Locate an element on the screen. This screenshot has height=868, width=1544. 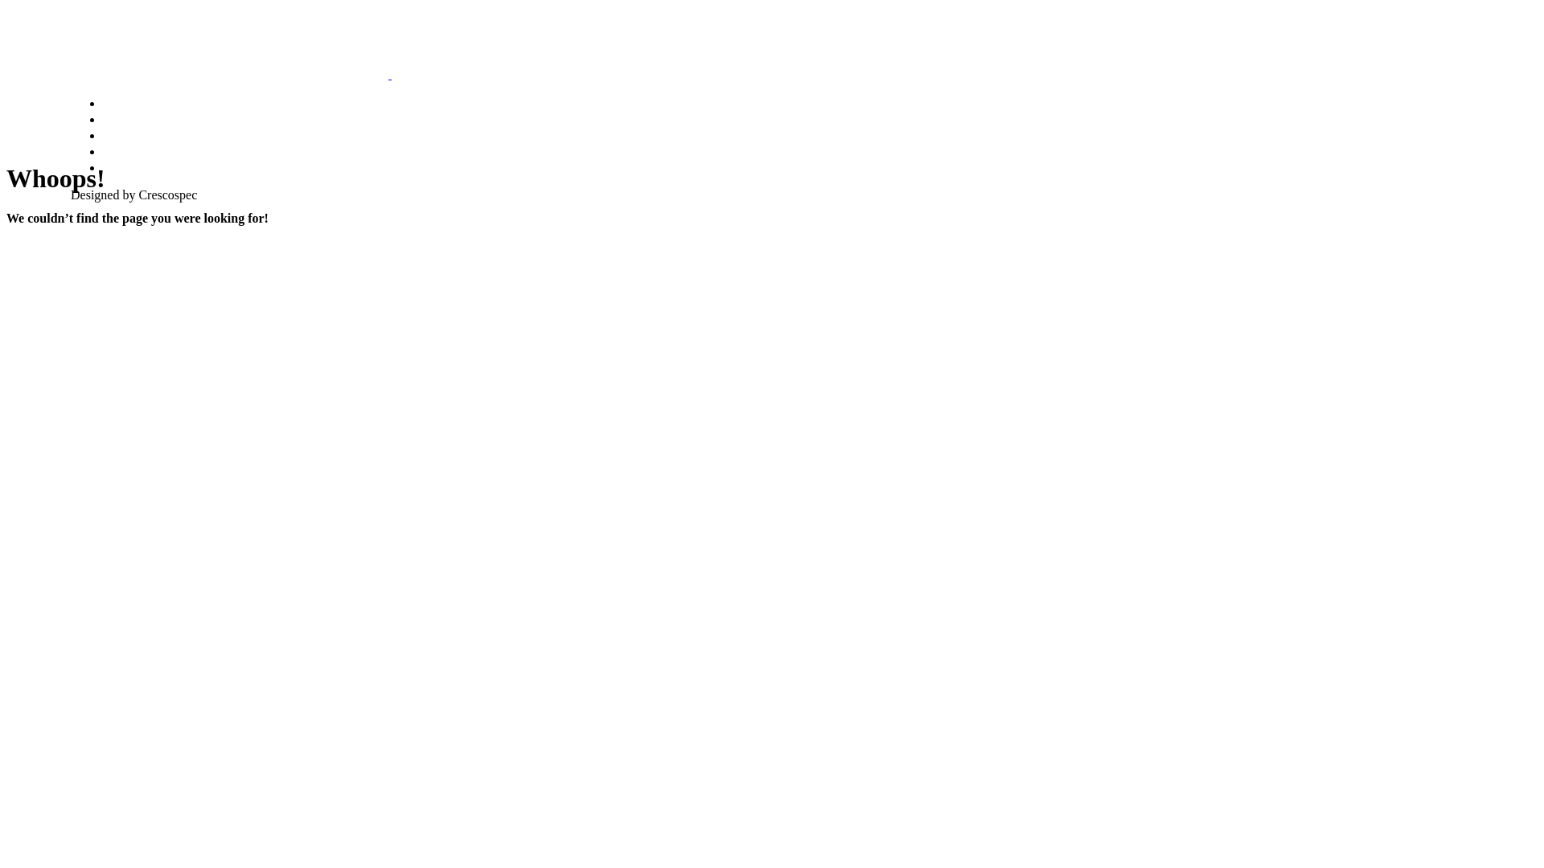
'PROJECTS' is located at coordinates (136, 151).